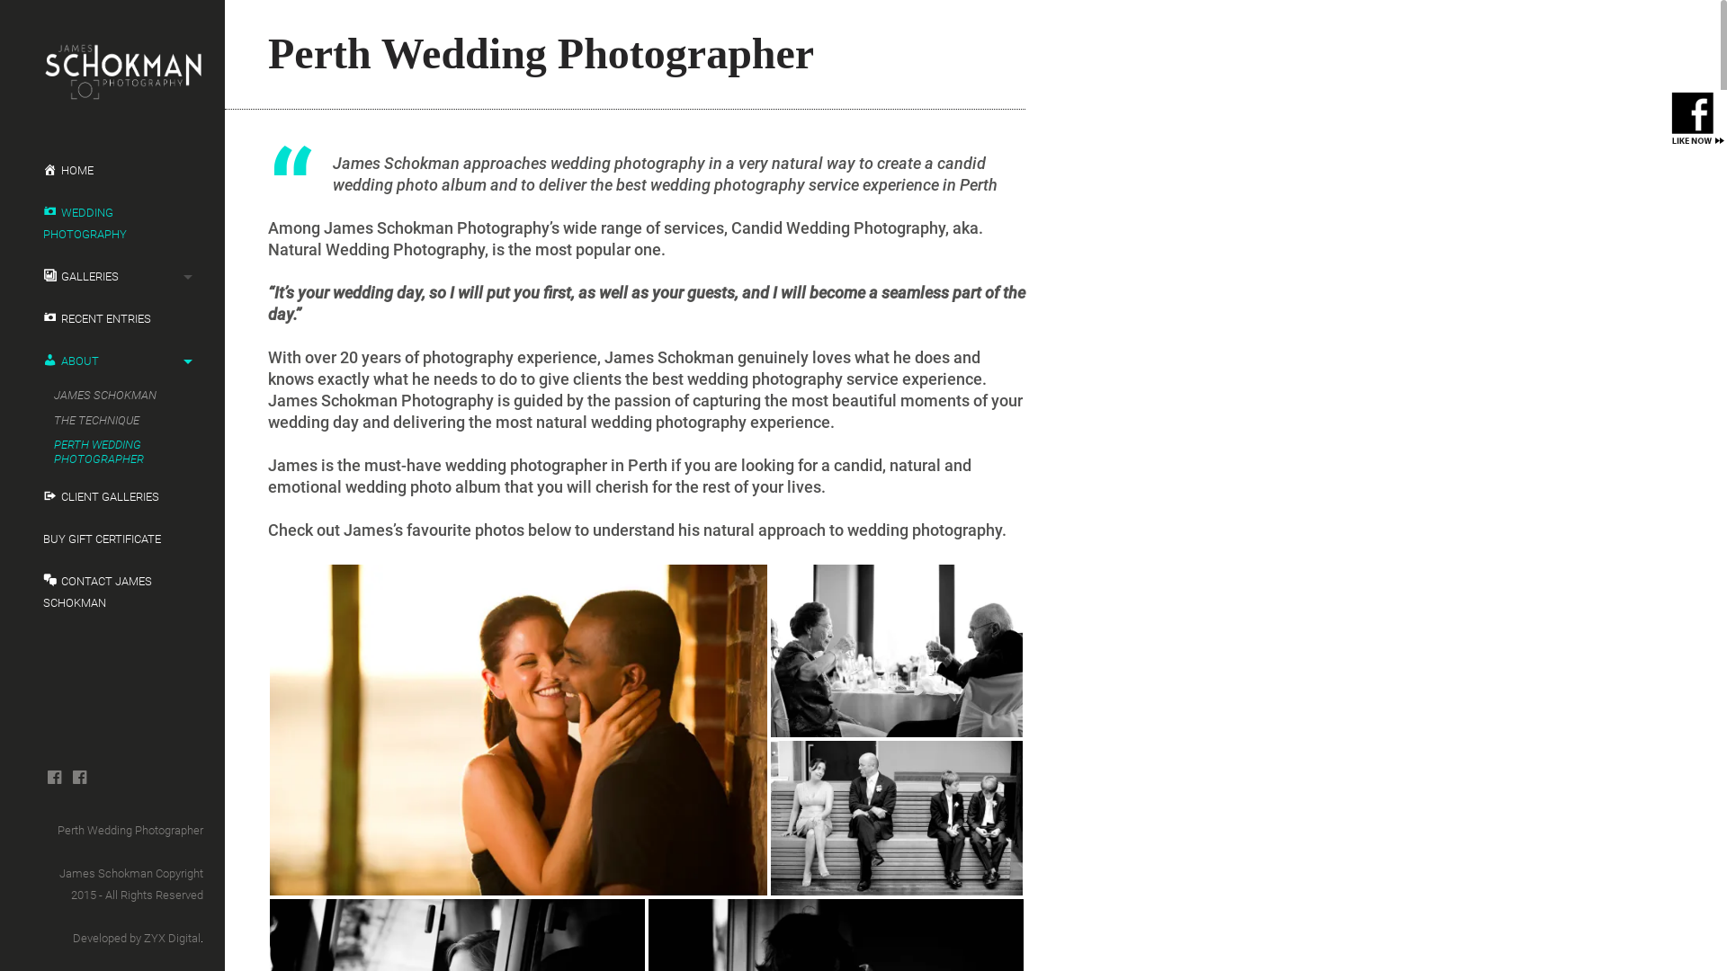 The width and height of the screenshot is (1727, 971). I want to click on 'RECENT ENTRIES', so click(111, 317).